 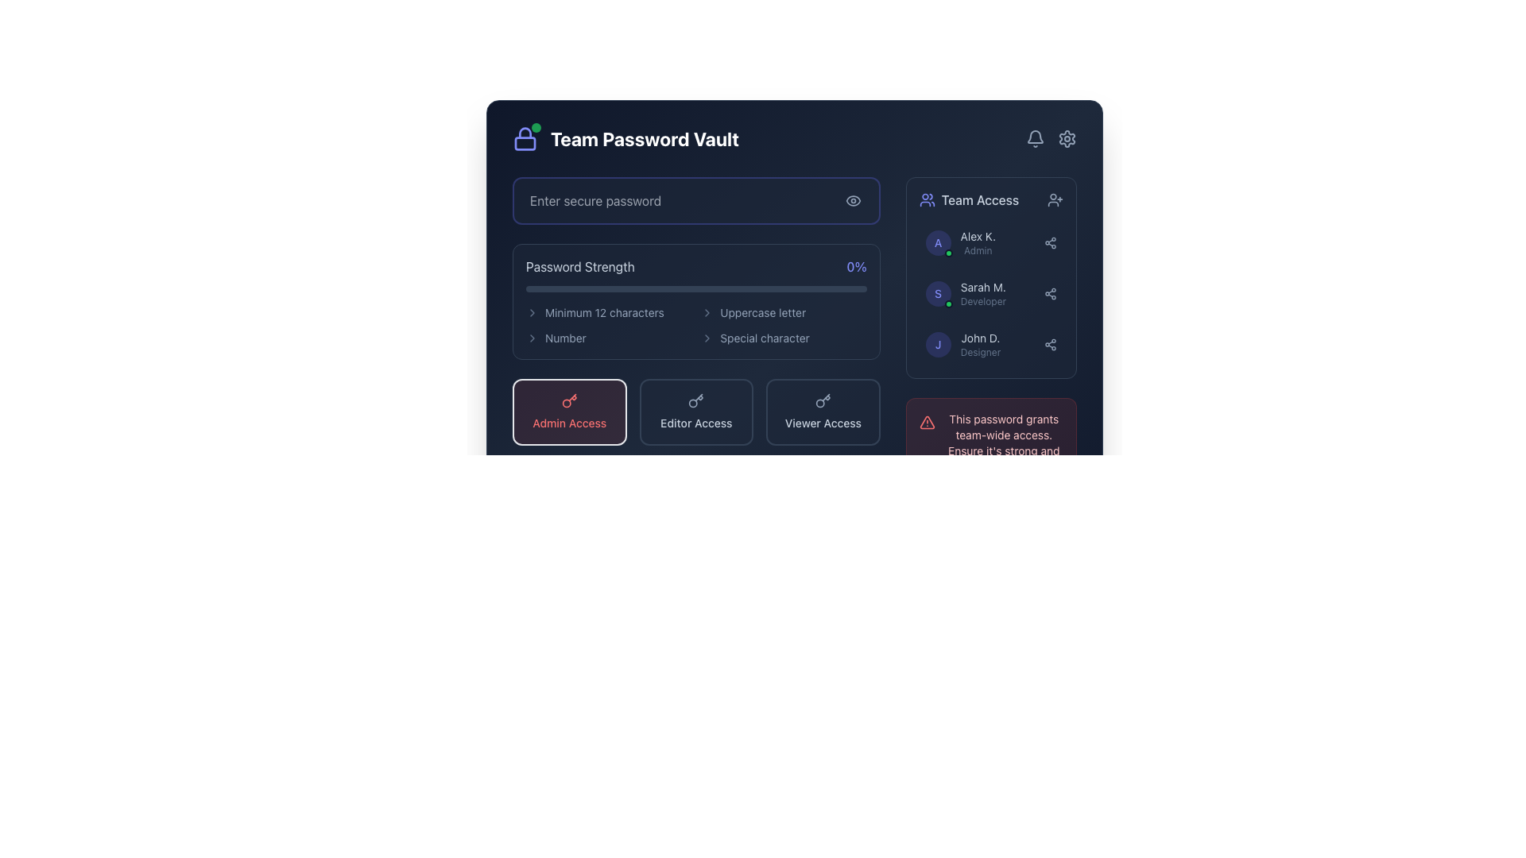 What do you see at coordinates (979, 199) in the screenshot?
I see `the text label indicating user roles and access levels in the upper-right panel` at bounding box center [979, 199].